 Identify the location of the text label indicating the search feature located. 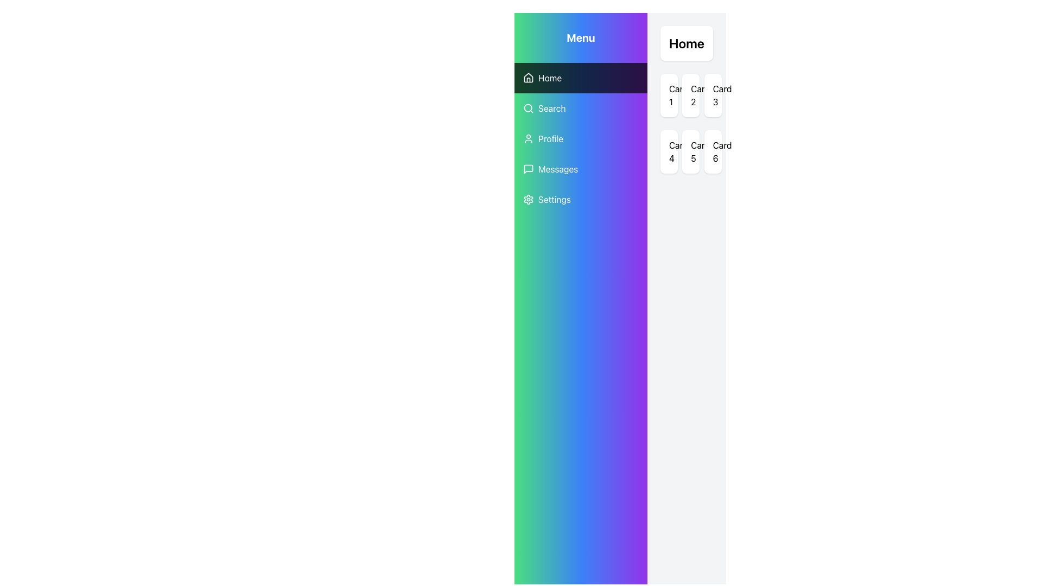
(552, 109).